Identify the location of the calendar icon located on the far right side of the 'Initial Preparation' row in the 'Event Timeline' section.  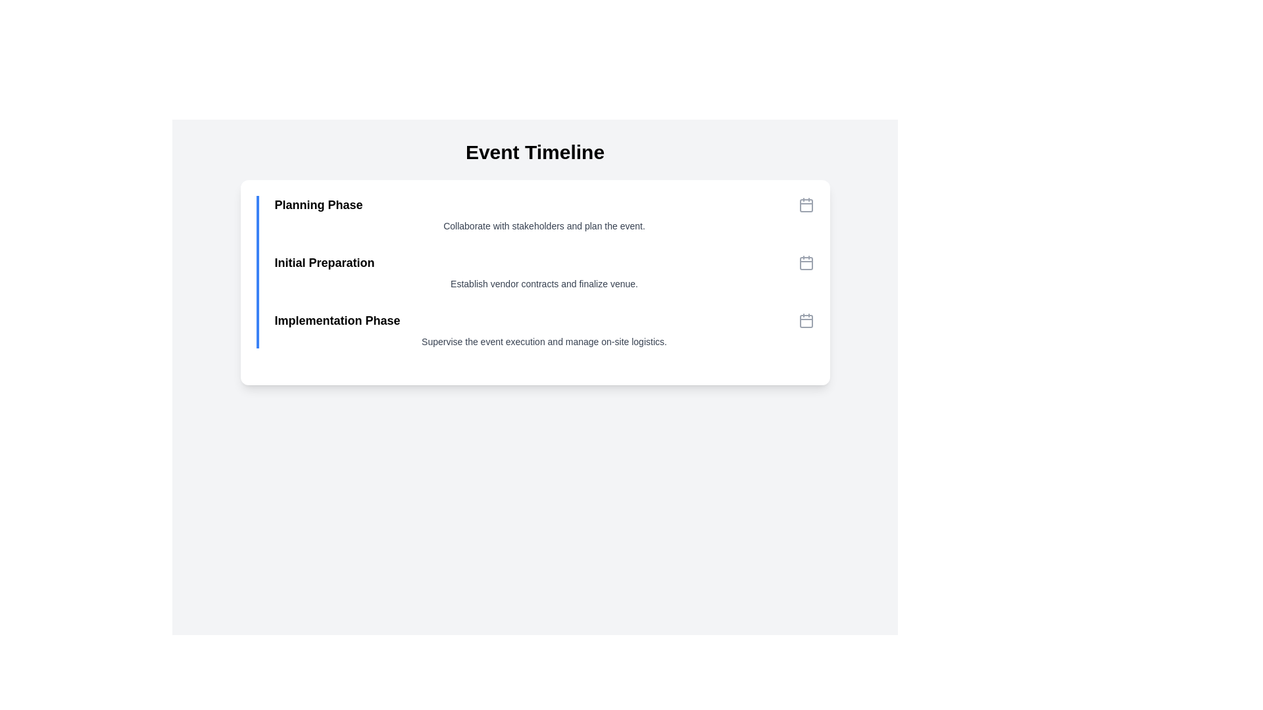
(805, 263).